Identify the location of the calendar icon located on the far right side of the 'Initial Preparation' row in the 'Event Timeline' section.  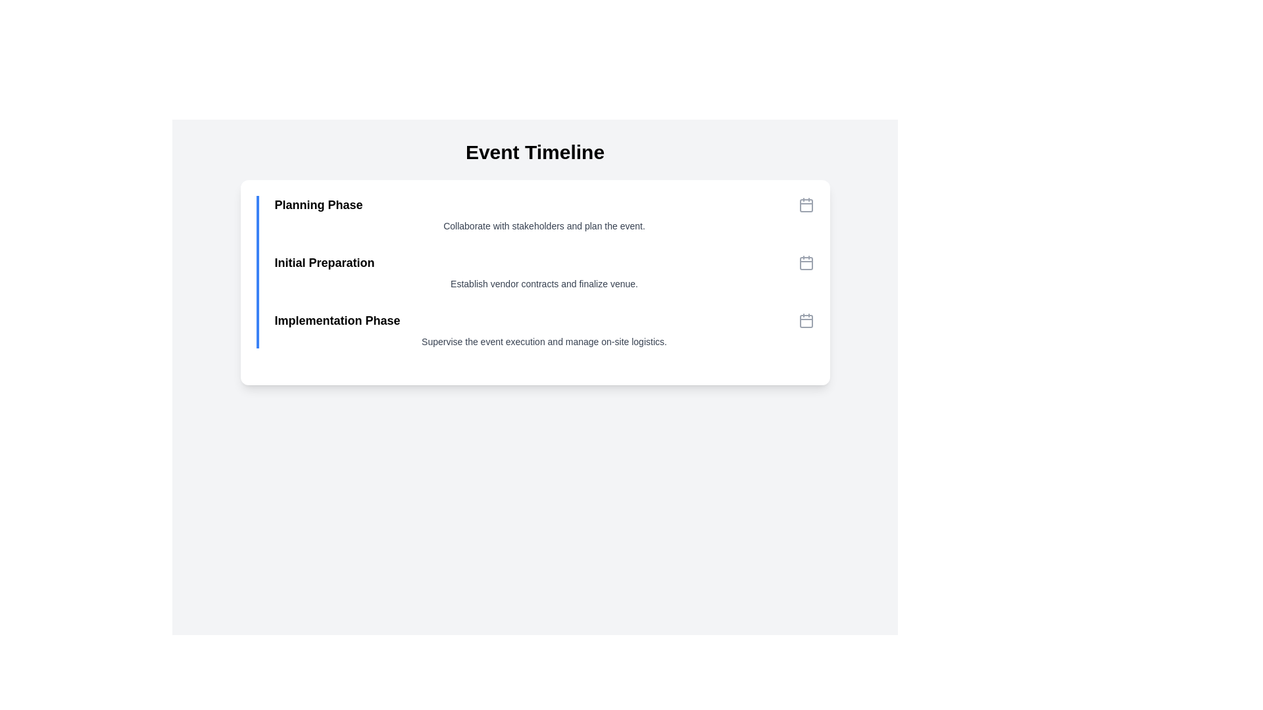
(805, 263).